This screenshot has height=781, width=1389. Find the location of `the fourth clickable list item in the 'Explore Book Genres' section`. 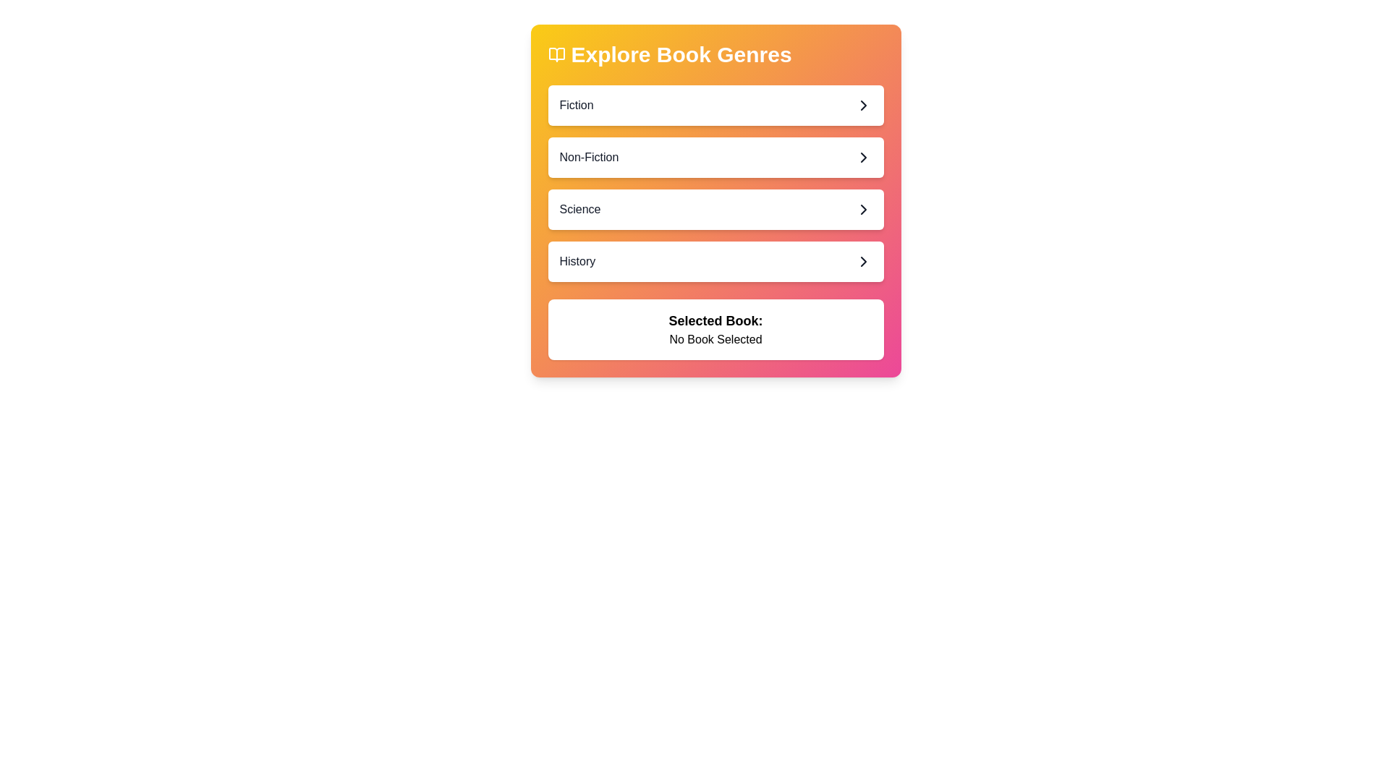

the fourth clickable list item in the 'Explore Book Genres' section is located at coordinates (715, 262).